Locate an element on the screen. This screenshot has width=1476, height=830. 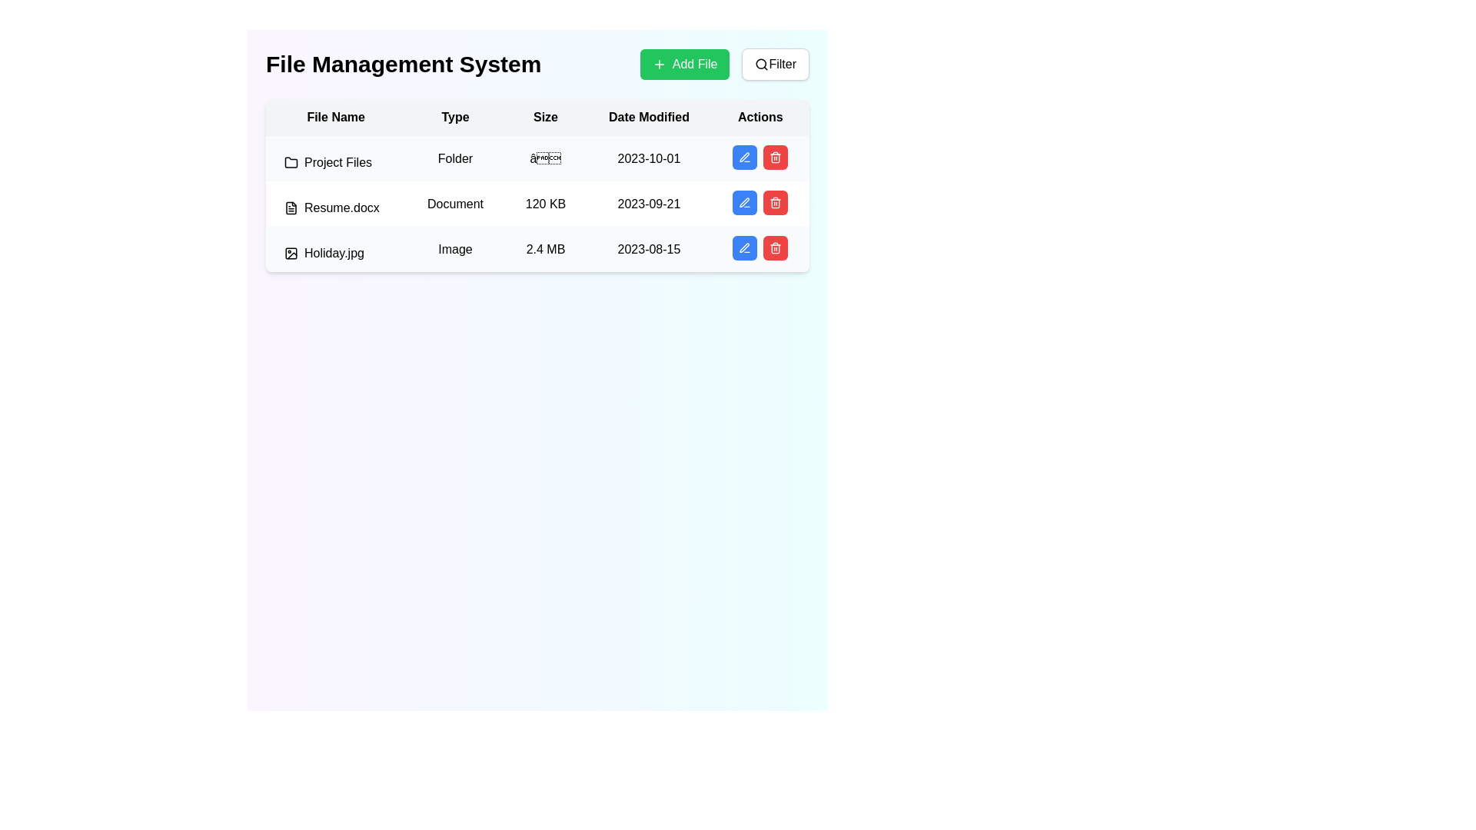
the trash bin icon button located in the 'Actions' column of the file management table is located at coordinates (776, 157).